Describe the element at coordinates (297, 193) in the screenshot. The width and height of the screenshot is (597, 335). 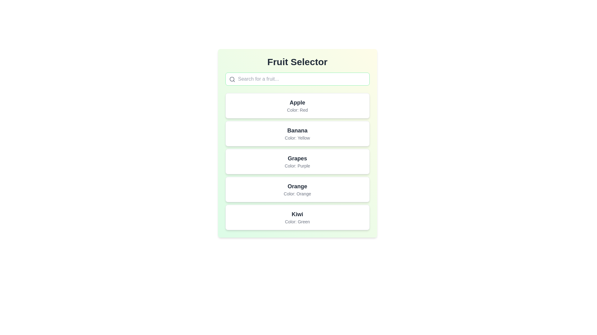
I see `text content of the label displaying 'Color: Orange', which is styled in a small, light gray font and positioned below the title 'Orange'` at that location.